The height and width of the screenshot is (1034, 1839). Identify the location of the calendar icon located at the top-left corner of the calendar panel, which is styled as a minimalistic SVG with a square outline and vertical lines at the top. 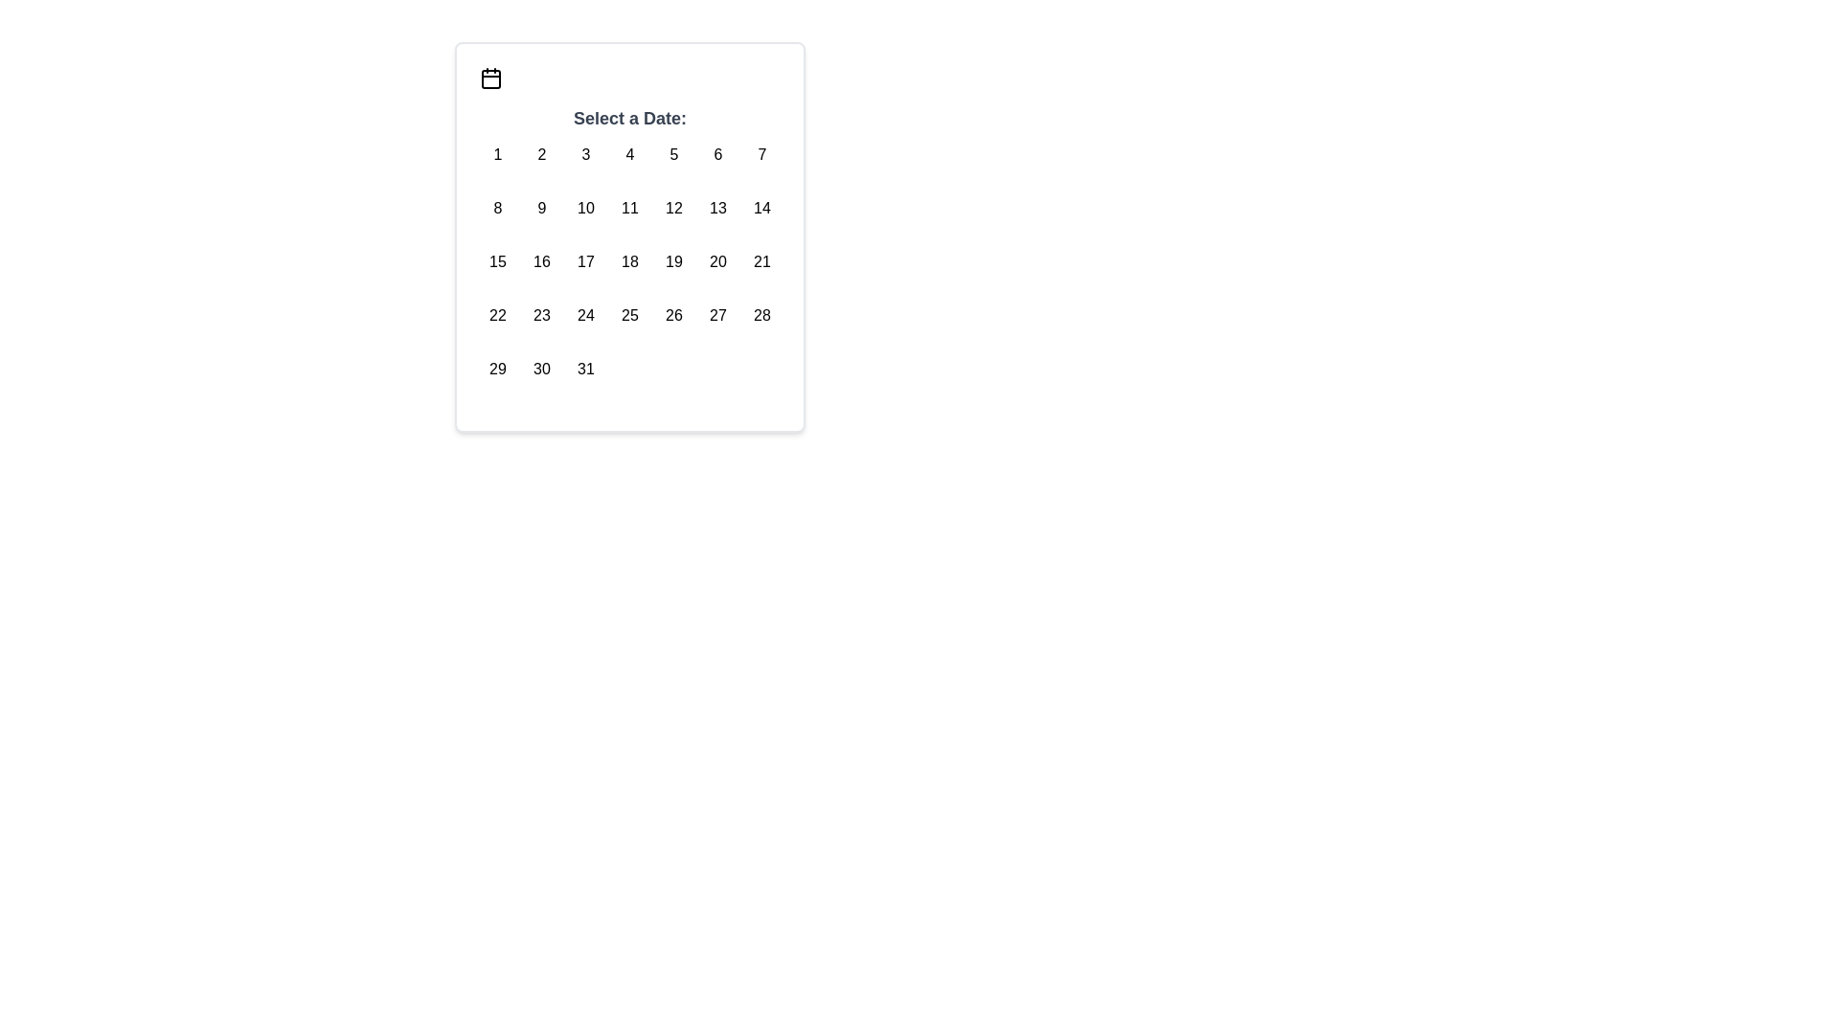
(491, 77).